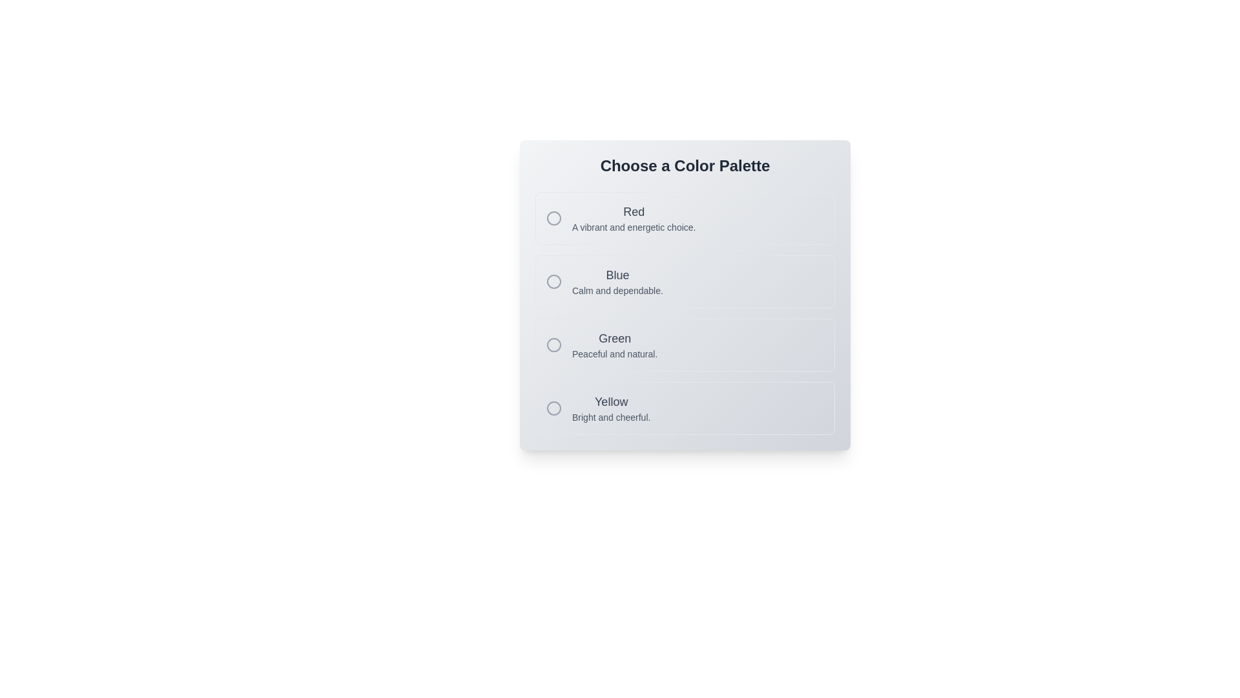 The width and height of the screenshot is (1240, 698). What do you see at coordinates (610, 417) in the screenshot?
I see `the text label 'Bright and cheerful.' which is styled in small, gray font and located directly below the 'Yellow' option` at bounding box center [610, 417].